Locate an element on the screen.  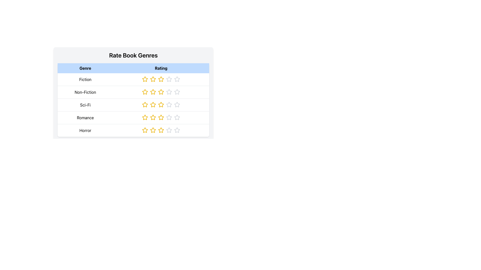
the fourth star icon in the five-star rating row for 'Fiction', which serves as a visual indicator of a rating system is located at coordinates (169, 79).